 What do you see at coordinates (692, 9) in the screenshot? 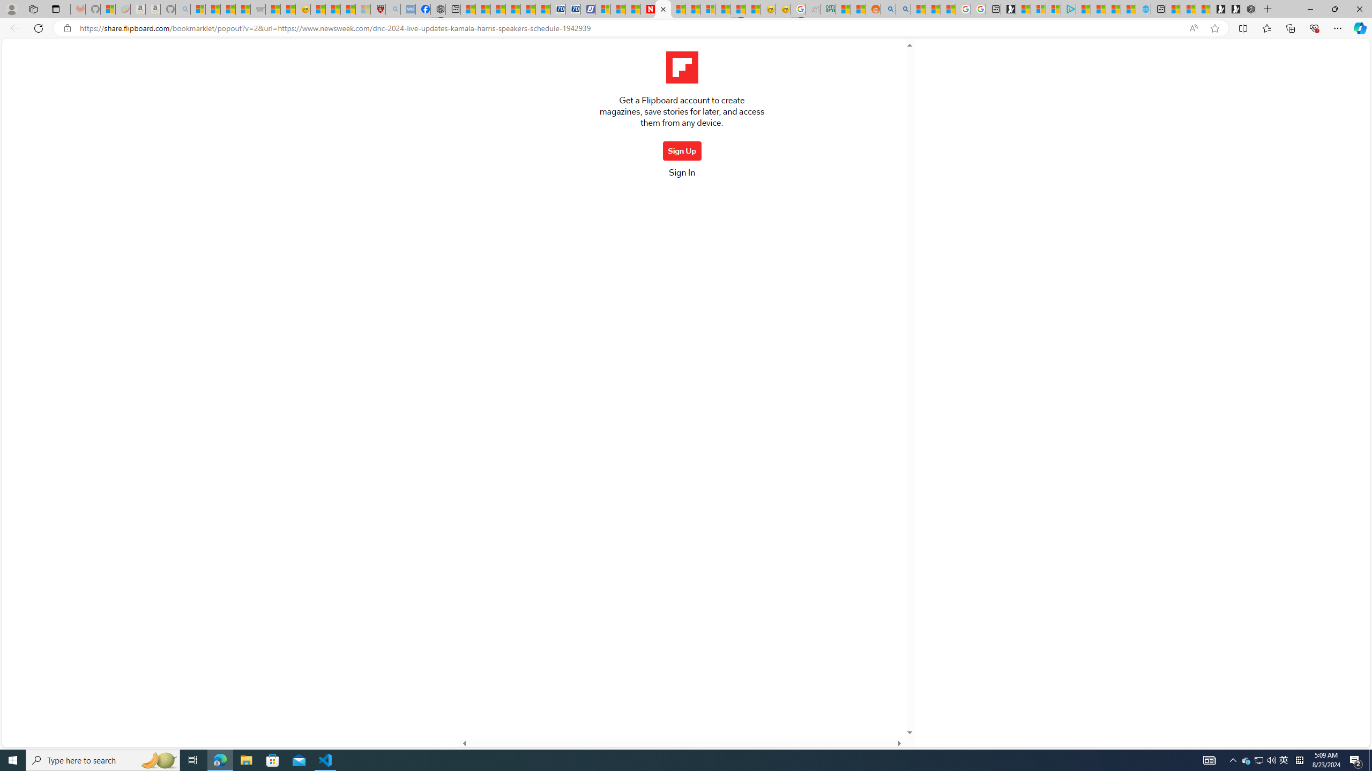
I see `'Trusted Community Engagement and Contributions | Guidelines'` at bounding box center [692, 9].